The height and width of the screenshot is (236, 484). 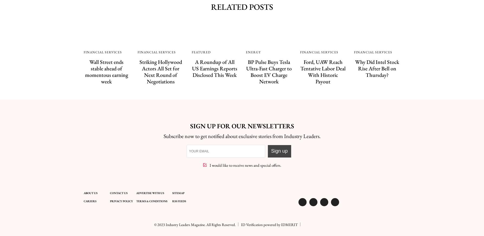 What do you see at coordinates (121, 201) in the screenshot?
I see `'Privacy Policy'` at bounding box center [121, 201].